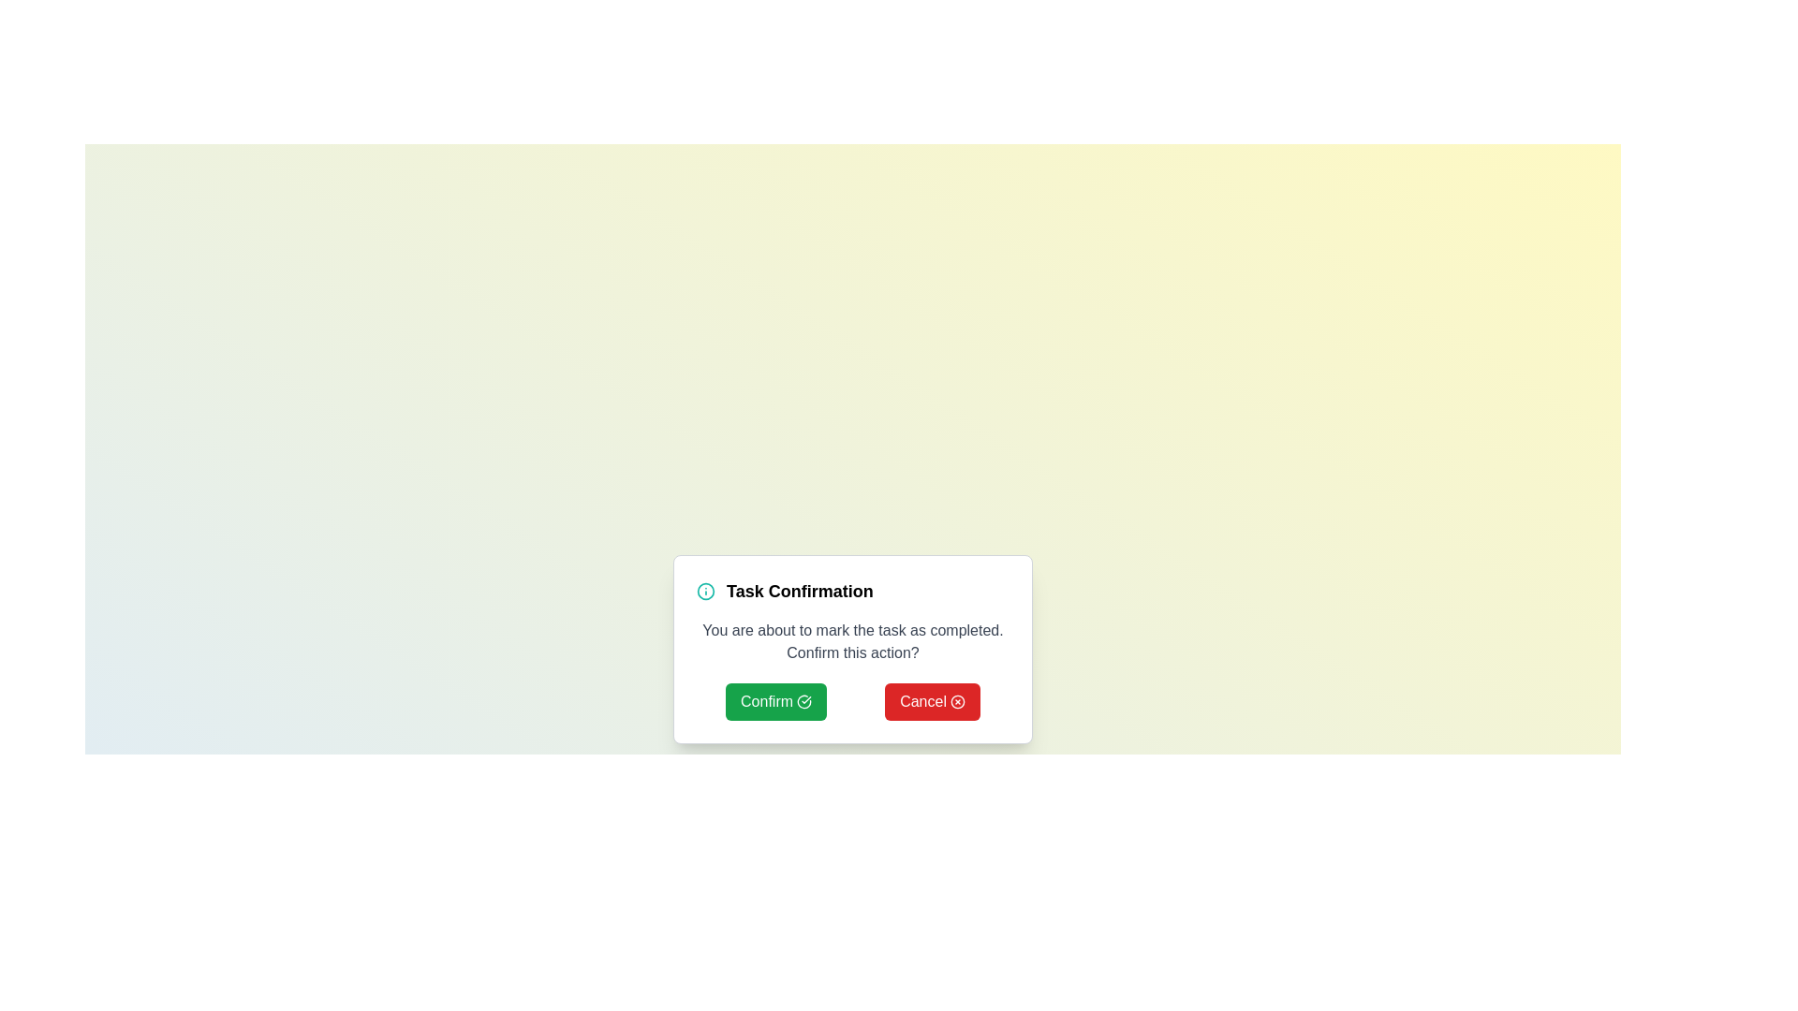 The height and width of the screenshot is (1011, 1798). Describe the element at coordinates (957, 701) in the screenshot. I see `the circular graphical component of the 'Cancel' button located inside the confirmation modal` at that location.